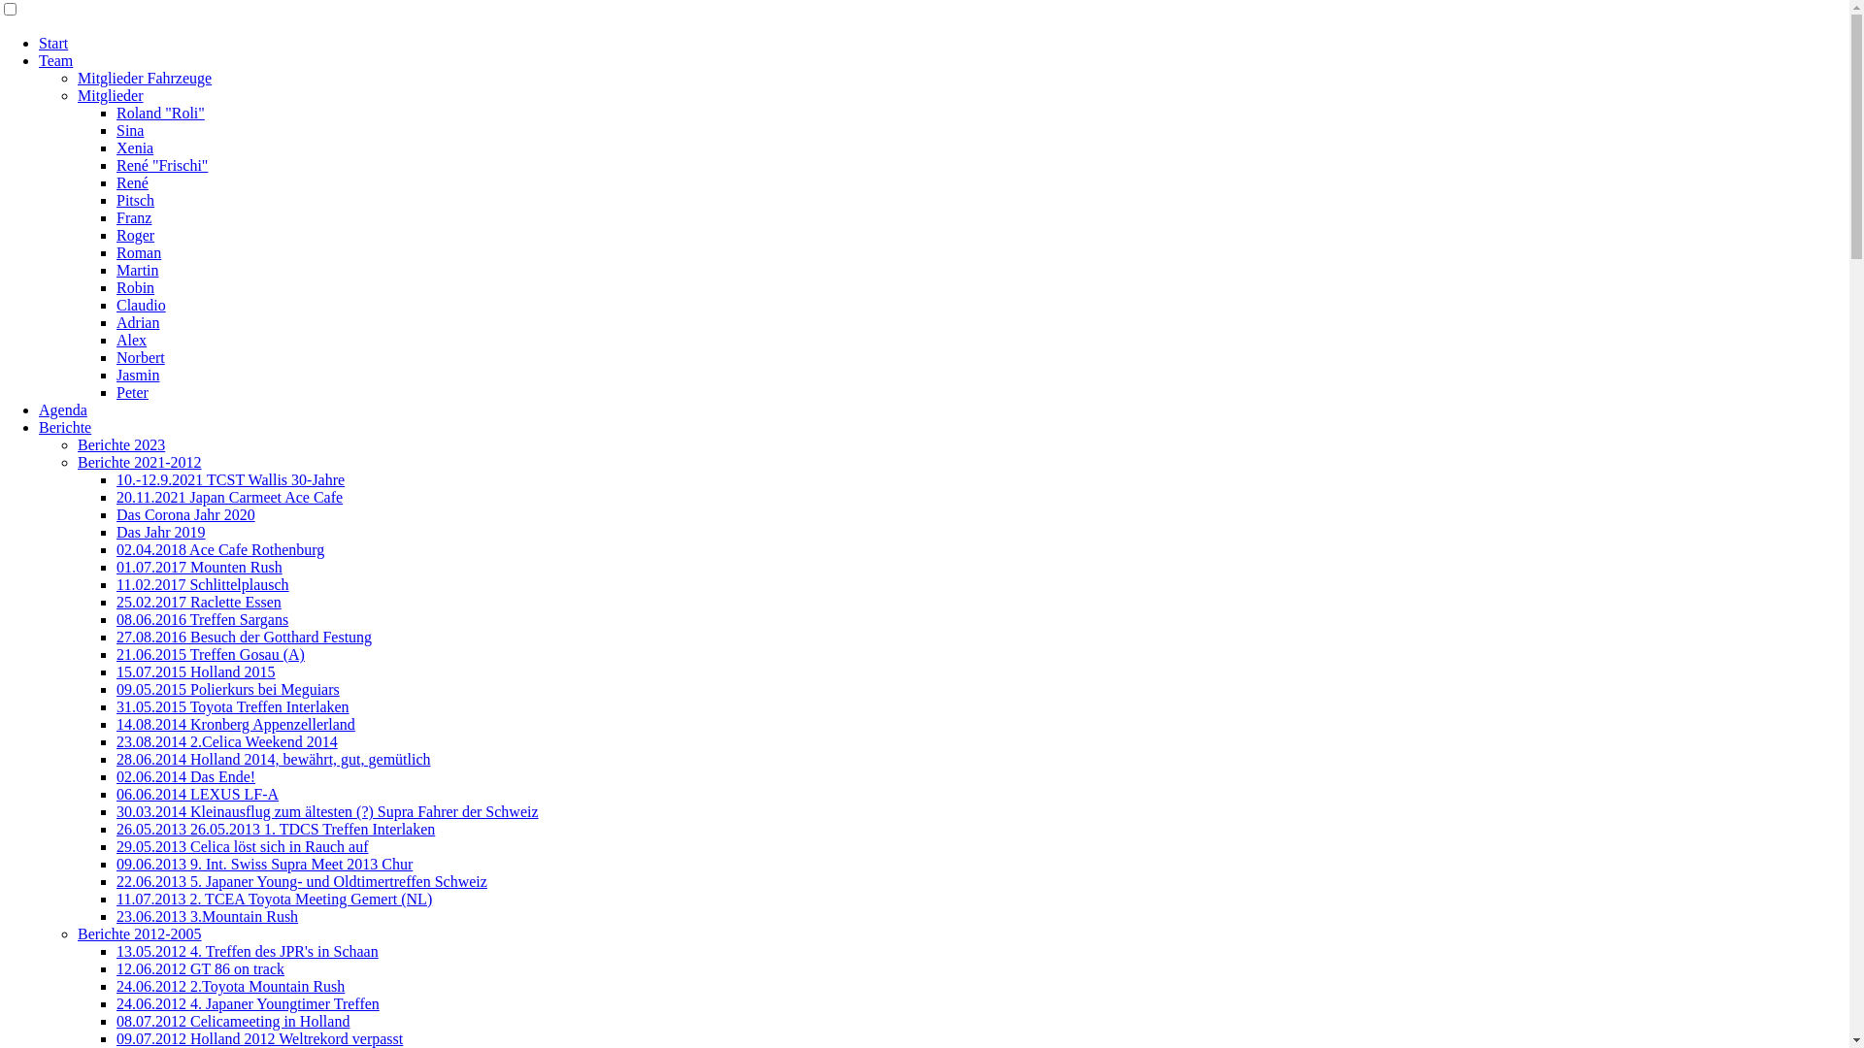 Image resolution: width=1864 pixels, height=1048 pixels. What do you see at coordinates (134, 200) in the screenshot?
I see `'Pitsch'` at bounding box center [134, 200].